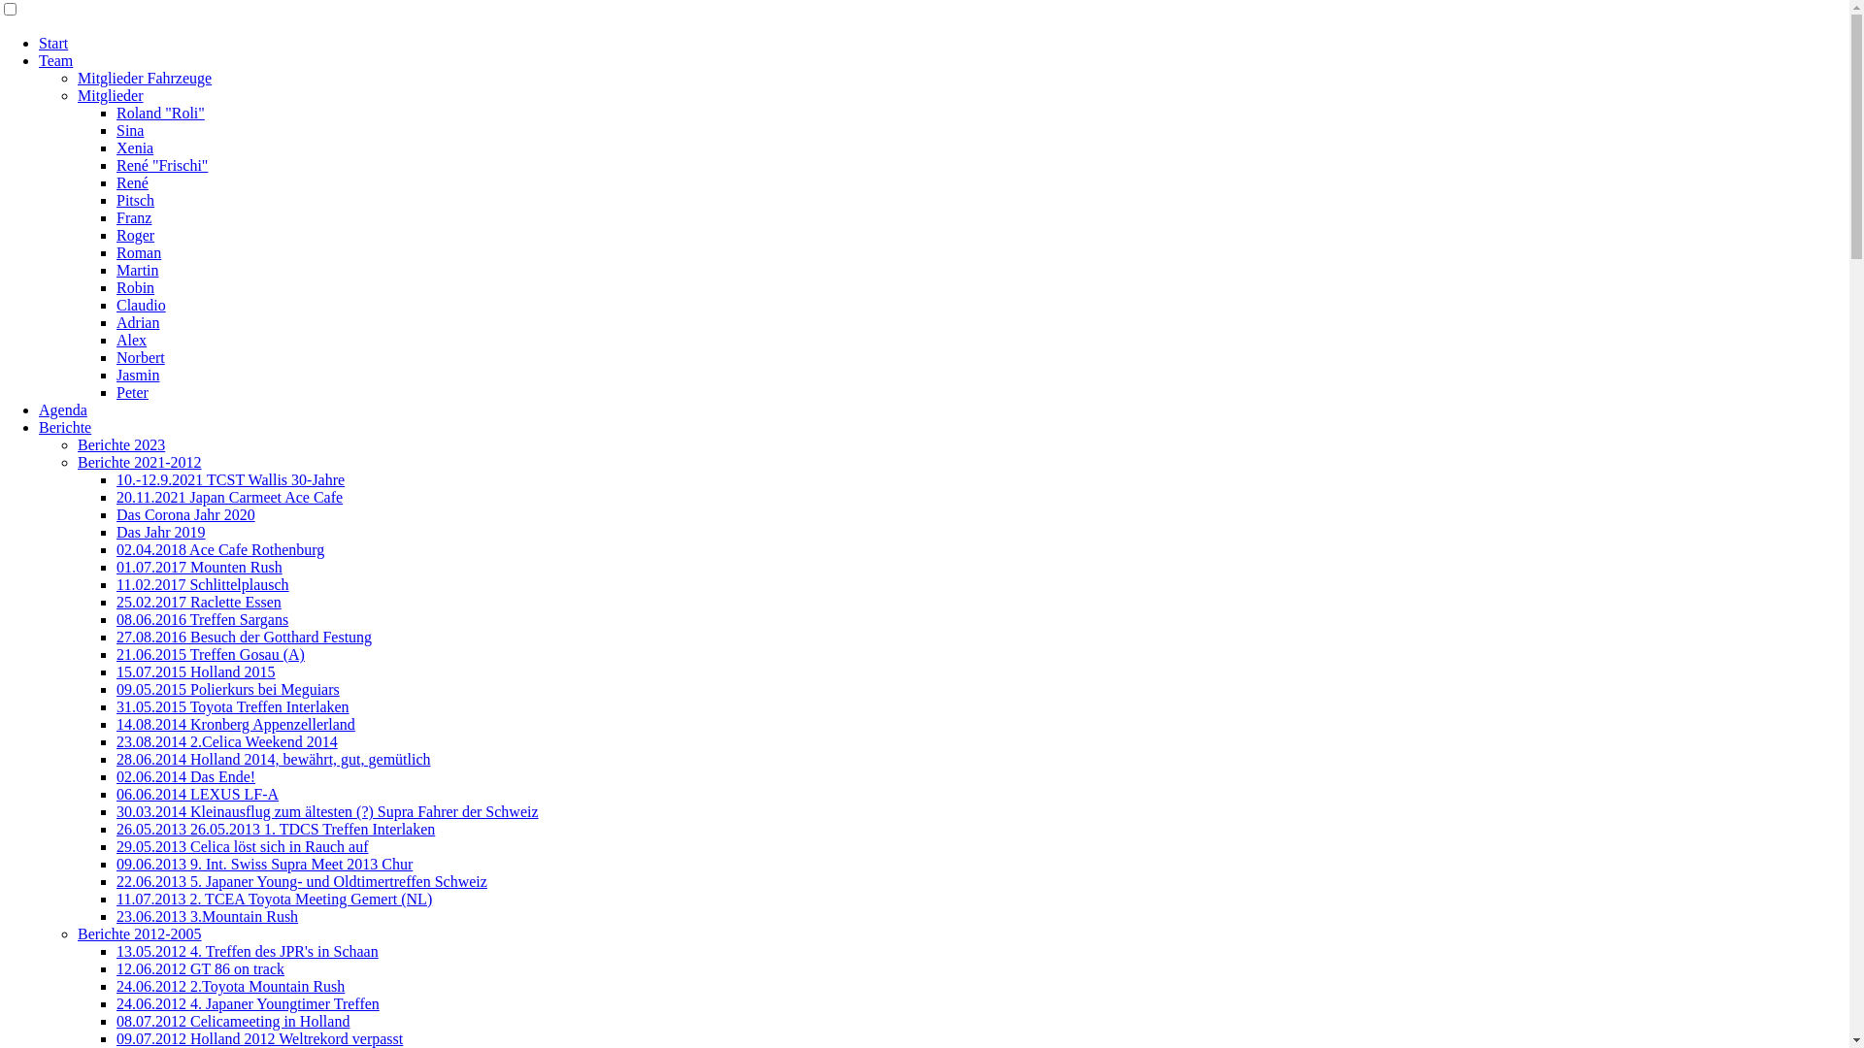 Image resolution: width=1864 pixels, height=1048 pixels. What do you see at coordinates (134, 200) in the screenshot?
I see `'Pitsch'` at bounding box center [134, 200].